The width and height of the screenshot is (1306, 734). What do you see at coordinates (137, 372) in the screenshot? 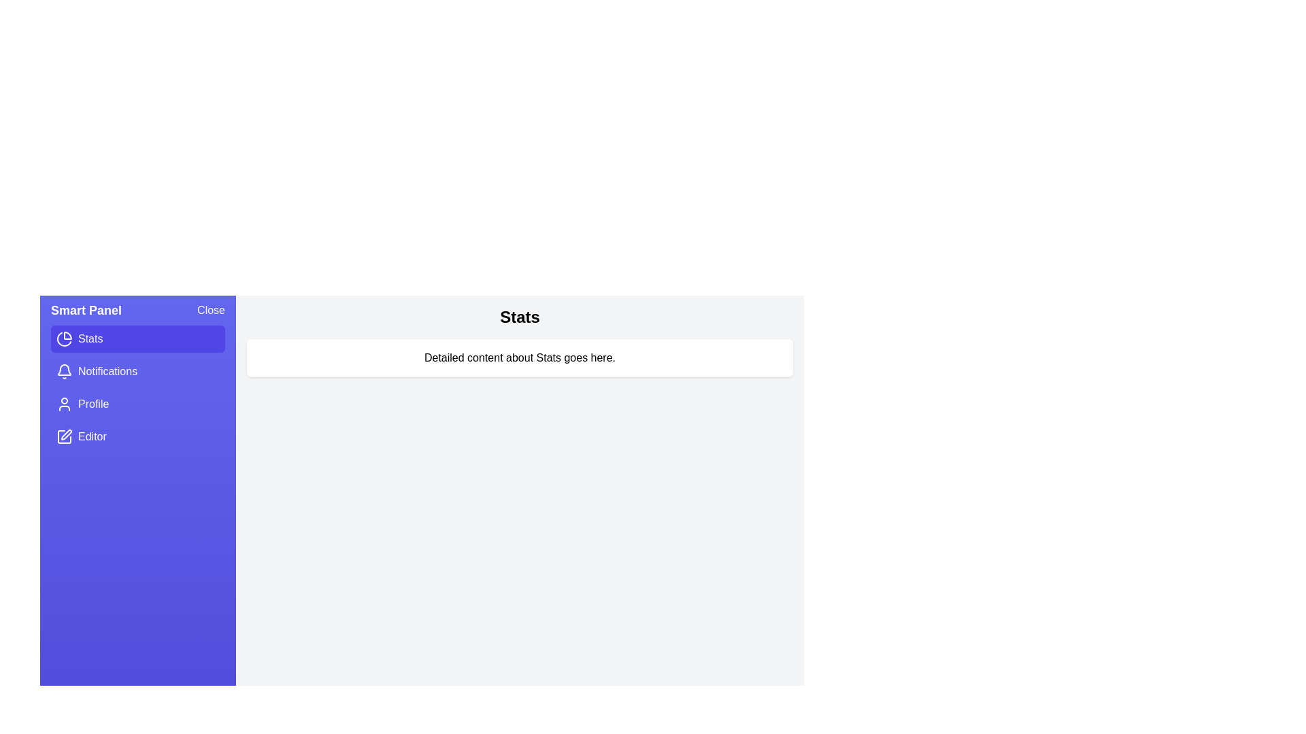
I see `the Notifications section in the menu` at bounding box center [137, 372].